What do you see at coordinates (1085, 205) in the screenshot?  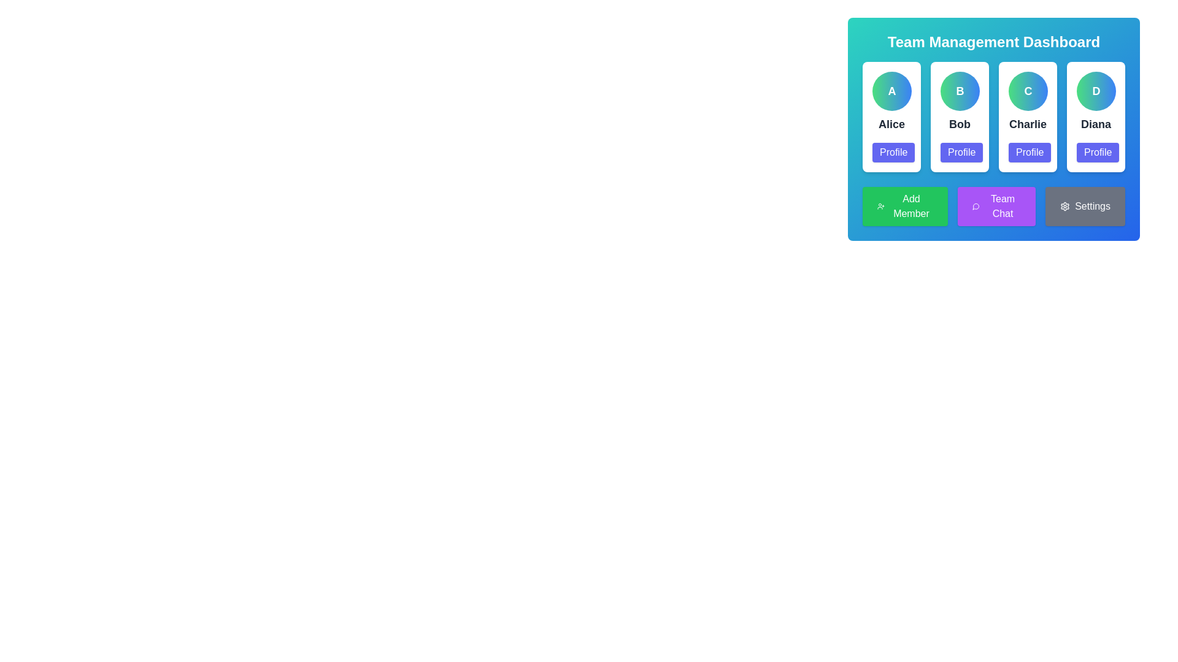 I see `the 'Settings' button, which is a gray rectangular button with rounded corners and a gear icon, located at the bottom of the 'Team Management Dashboard'` at bounding box center [1085, 205].